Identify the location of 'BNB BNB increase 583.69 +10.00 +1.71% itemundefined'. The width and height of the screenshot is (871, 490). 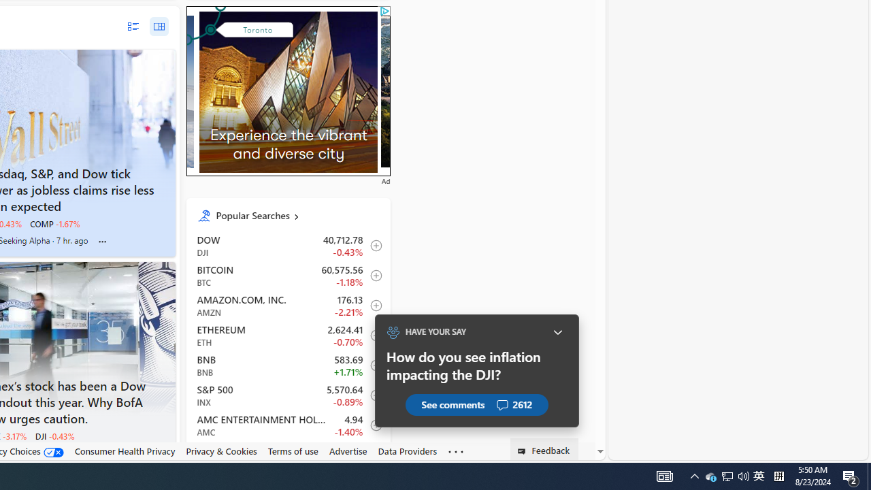
(287, 364).